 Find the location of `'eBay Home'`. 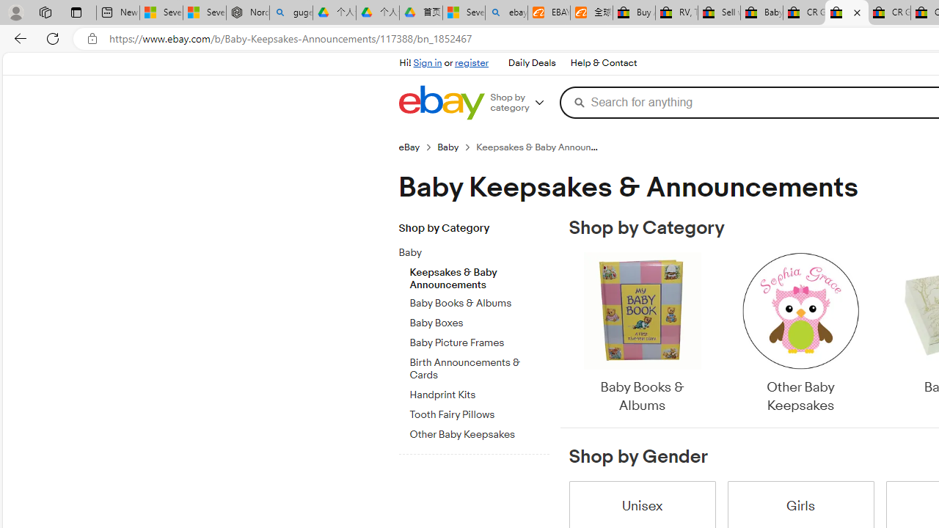

'eBay Home' is located at coordinates (440, 102).